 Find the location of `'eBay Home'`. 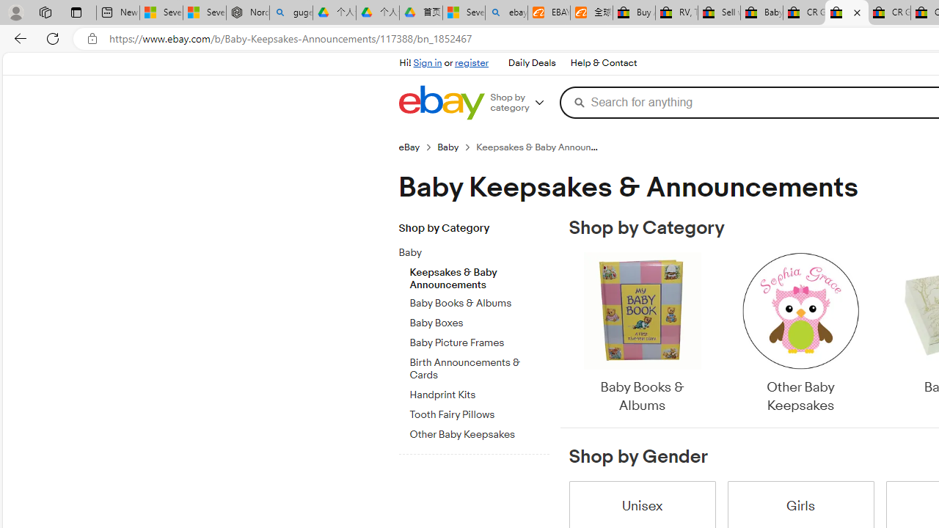

'eBay Home' is located at coordinates (440, 102).